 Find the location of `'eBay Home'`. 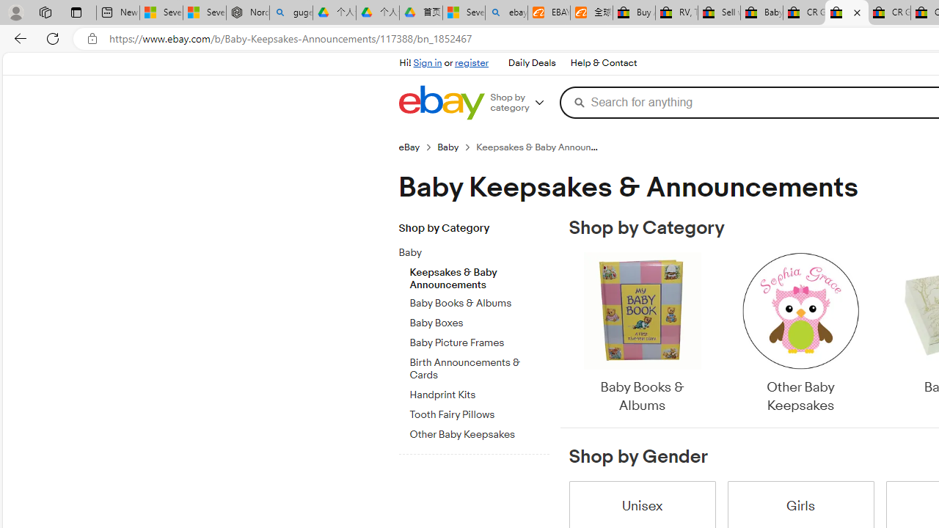

'eBay Home' is located at coordinates (440, 102).